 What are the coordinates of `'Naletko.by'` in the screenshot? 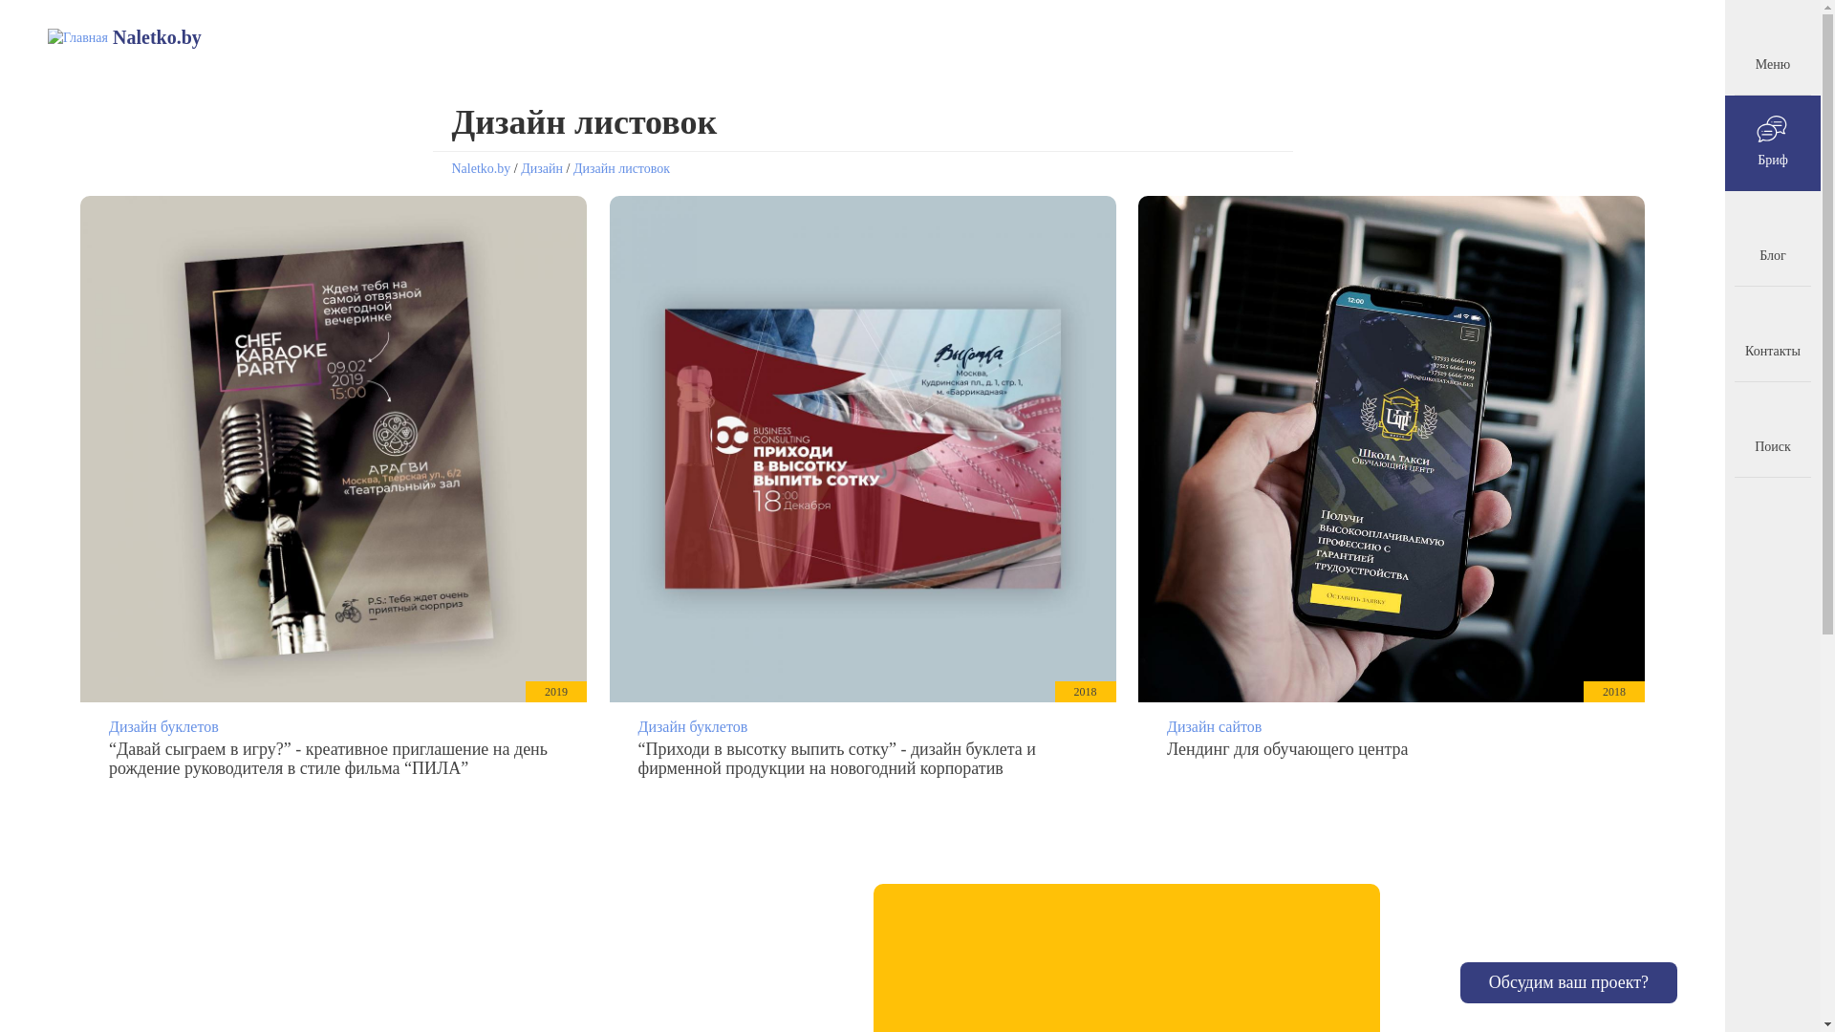 It's located at (481, 167).